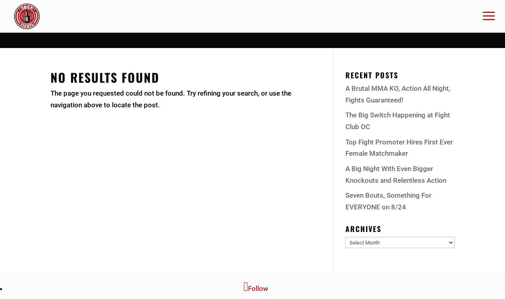 The width and height of the screenshot is (505, 299). Describe the element at coordinates (50, 77) in the screenshot. I see `'No Results Found'` at that location.